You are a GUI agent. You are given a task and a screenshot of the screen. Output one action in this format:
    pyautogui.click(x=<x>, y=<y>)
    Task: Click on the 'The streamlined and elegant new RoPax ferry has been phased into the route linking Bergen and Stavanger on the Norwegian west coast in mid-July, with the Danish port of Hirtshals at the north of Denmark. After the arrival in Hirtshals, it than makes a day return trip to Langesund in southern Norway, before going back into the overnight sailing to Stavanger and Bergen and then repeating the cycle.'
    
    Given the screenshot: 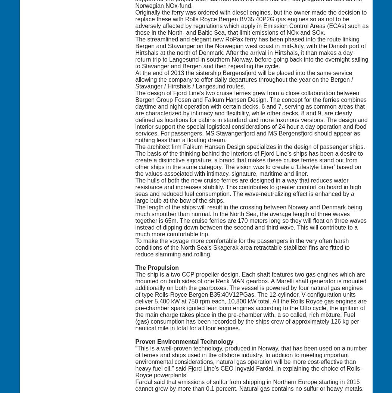 What is the action you would take?
    pyautogui.click(x=251, y=52)
    